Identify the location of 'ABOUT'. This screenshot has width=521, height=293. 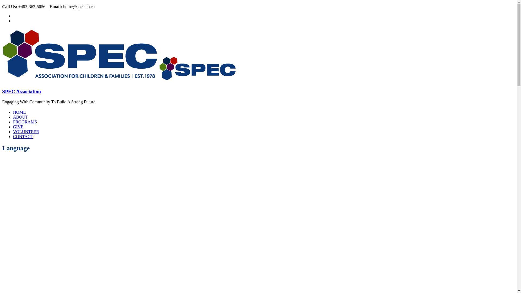
(20, 117).